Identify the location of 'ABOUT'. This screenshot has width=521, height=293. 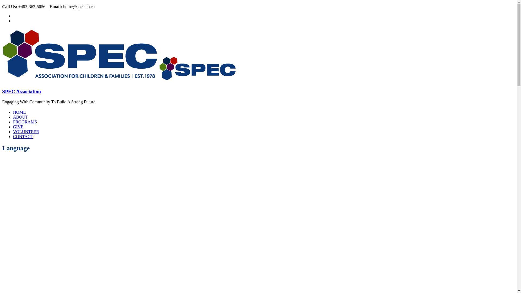
(20, 117).